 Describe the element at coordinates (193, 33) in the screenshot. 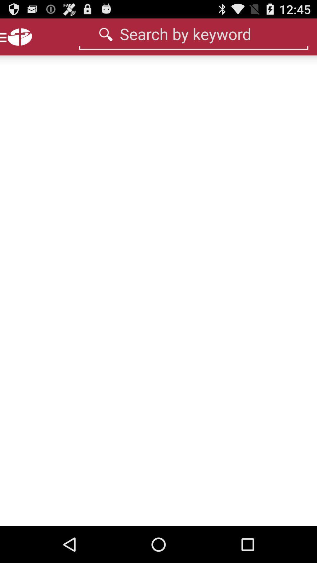

I see `keyword to search` at that location.